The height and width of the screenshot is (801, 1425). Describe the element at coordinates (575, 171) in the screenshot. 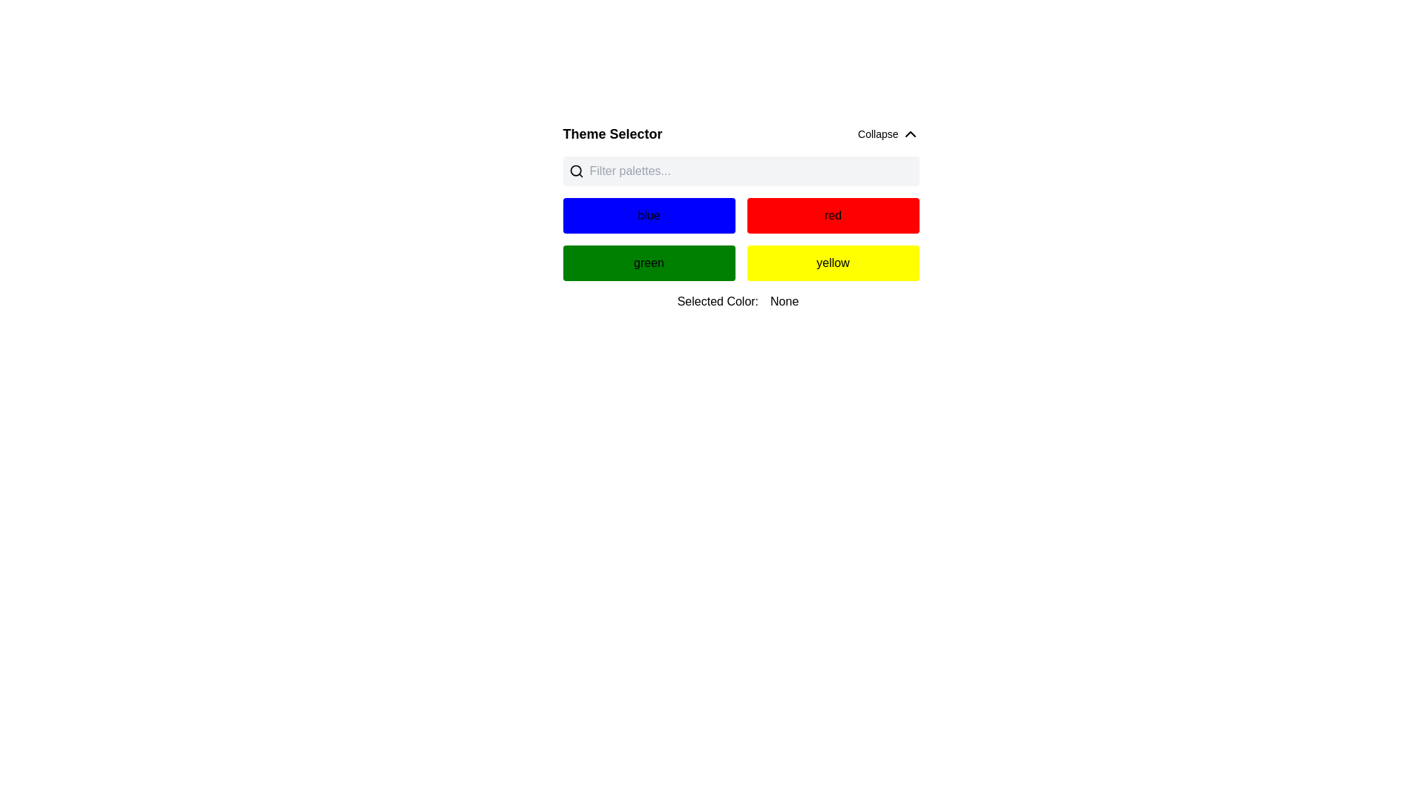

I see `magnifying glass icon, which is styled with a grey stroke and located to the left of the input box labeled 'Filter palettes...'` at that location.